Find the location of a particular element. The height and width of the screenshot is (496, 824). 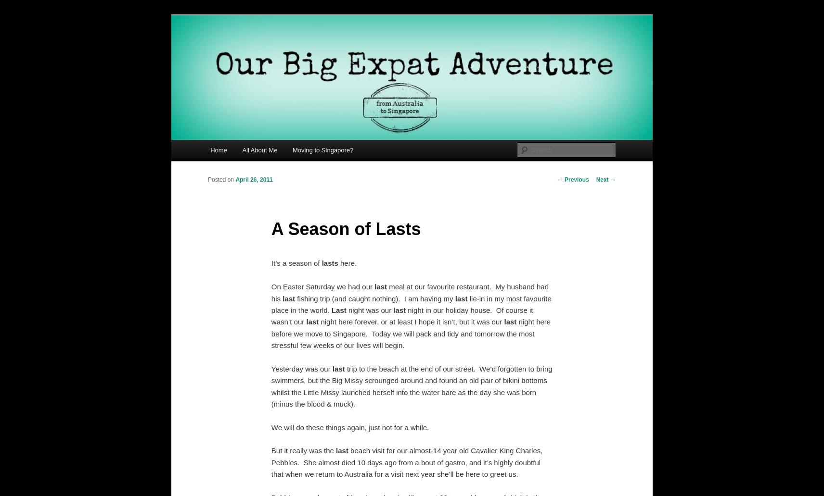

'night here forever, or at least I hope it isn’t, but it was our' is located at coordinates (411, 321).